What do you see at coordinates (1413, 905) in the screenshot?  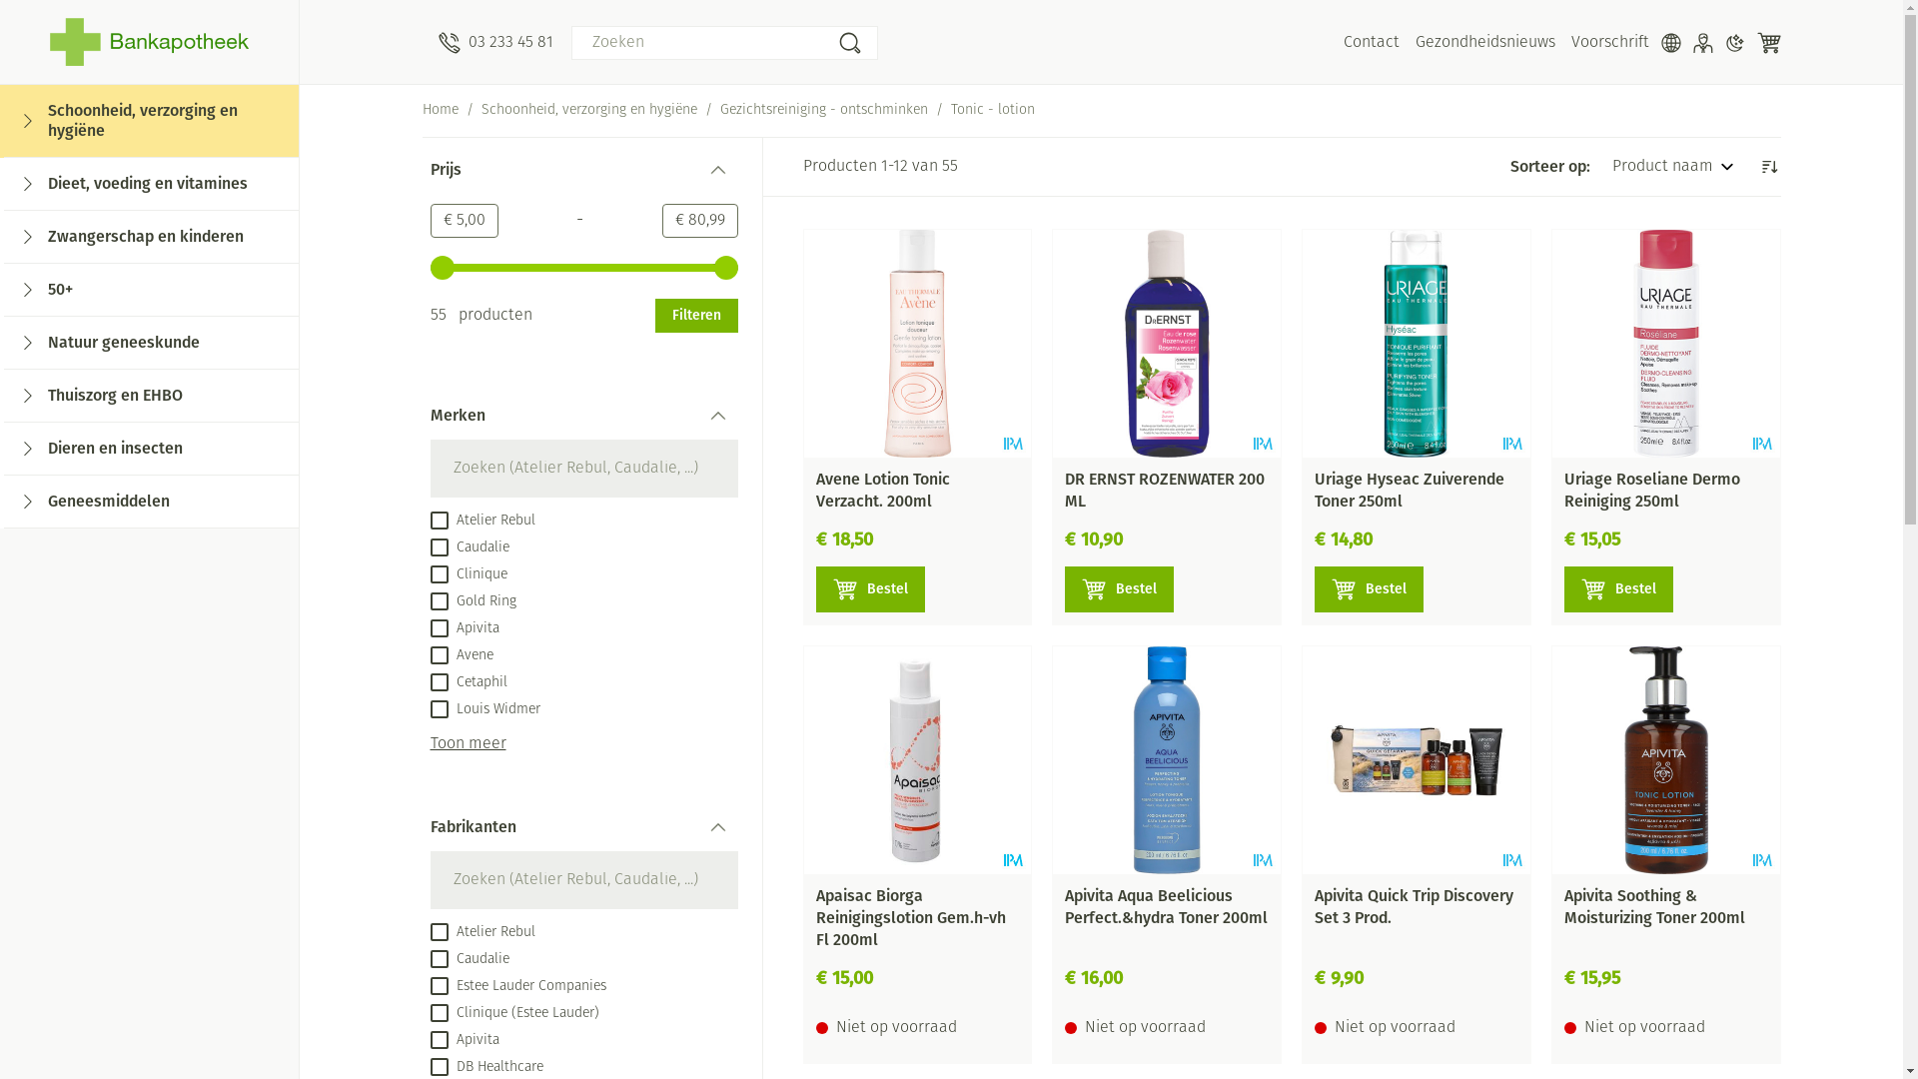 I see `'Apivita Quick Trip Discovery Set 3 Prod.'` at bounding box center [1413, 905].